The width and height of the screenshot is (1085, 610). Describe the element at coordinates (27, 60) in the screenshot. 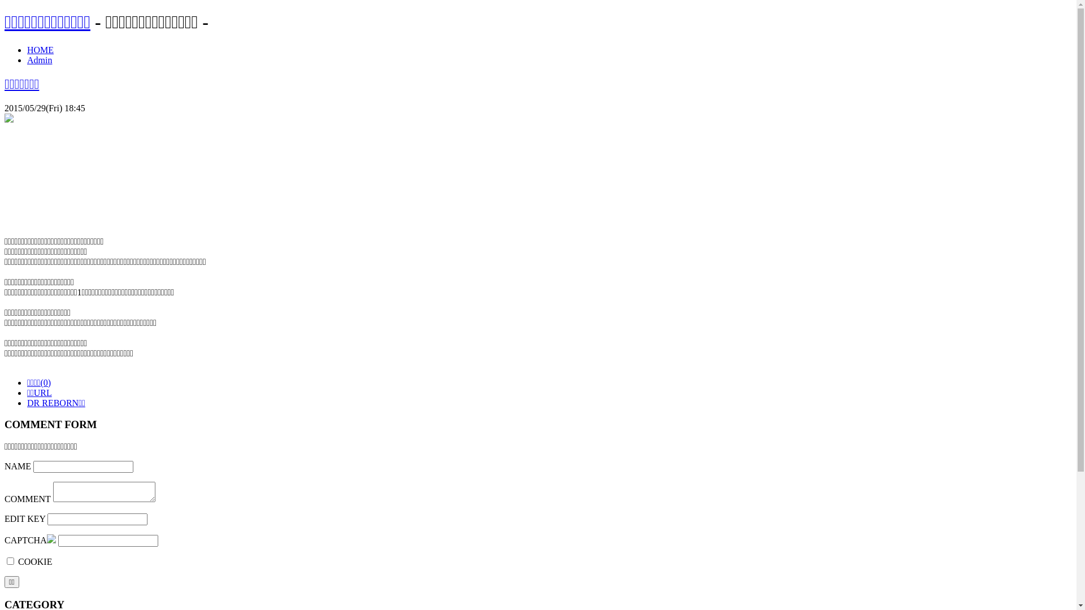

I see `'Admin'` at that location.